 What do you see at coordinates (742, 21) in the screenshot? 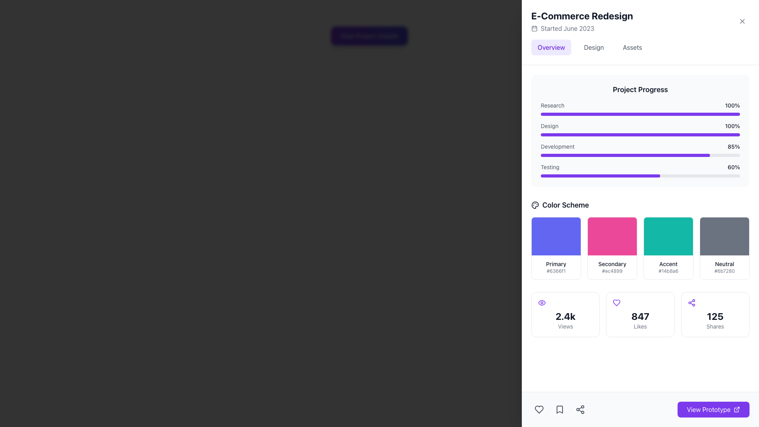
I see `the small 'X' icon located at the top-right corner of the interface, next to the title 'E-Commerce Redesign'` at bounding box center [742, 21].